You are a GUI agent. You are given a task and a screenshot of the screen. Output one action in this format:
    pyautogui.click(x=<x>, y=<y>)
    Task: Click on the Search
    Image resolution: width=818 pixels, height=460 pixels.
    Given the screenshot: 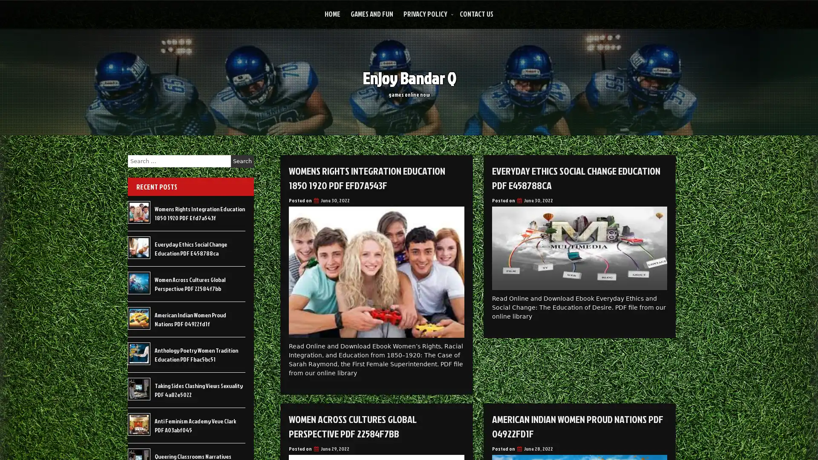 What is the action you would take?
    pyautogui.click(x=242, y=161)
    